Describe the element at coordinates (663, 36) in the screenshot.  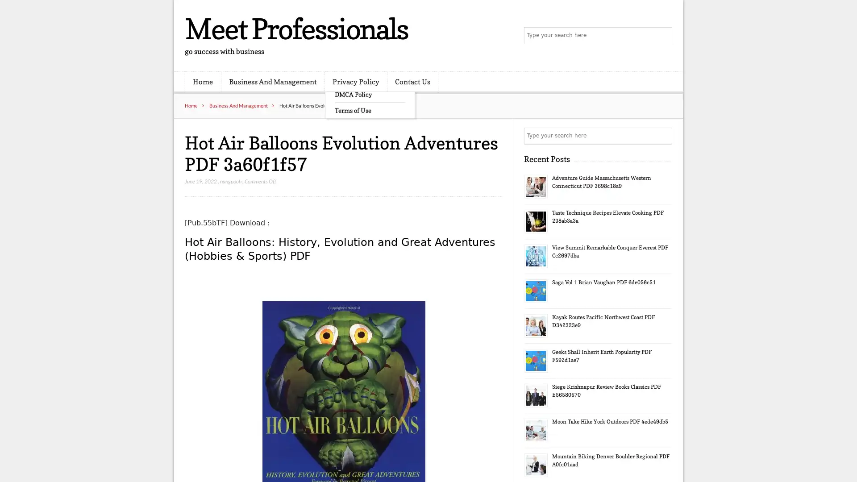
I see `Search` at that location.